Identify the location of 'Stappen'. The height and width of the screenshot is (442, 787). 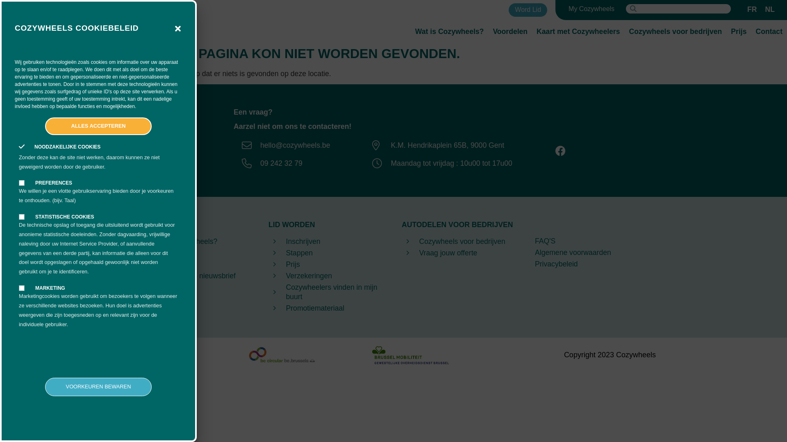
(268, 253).